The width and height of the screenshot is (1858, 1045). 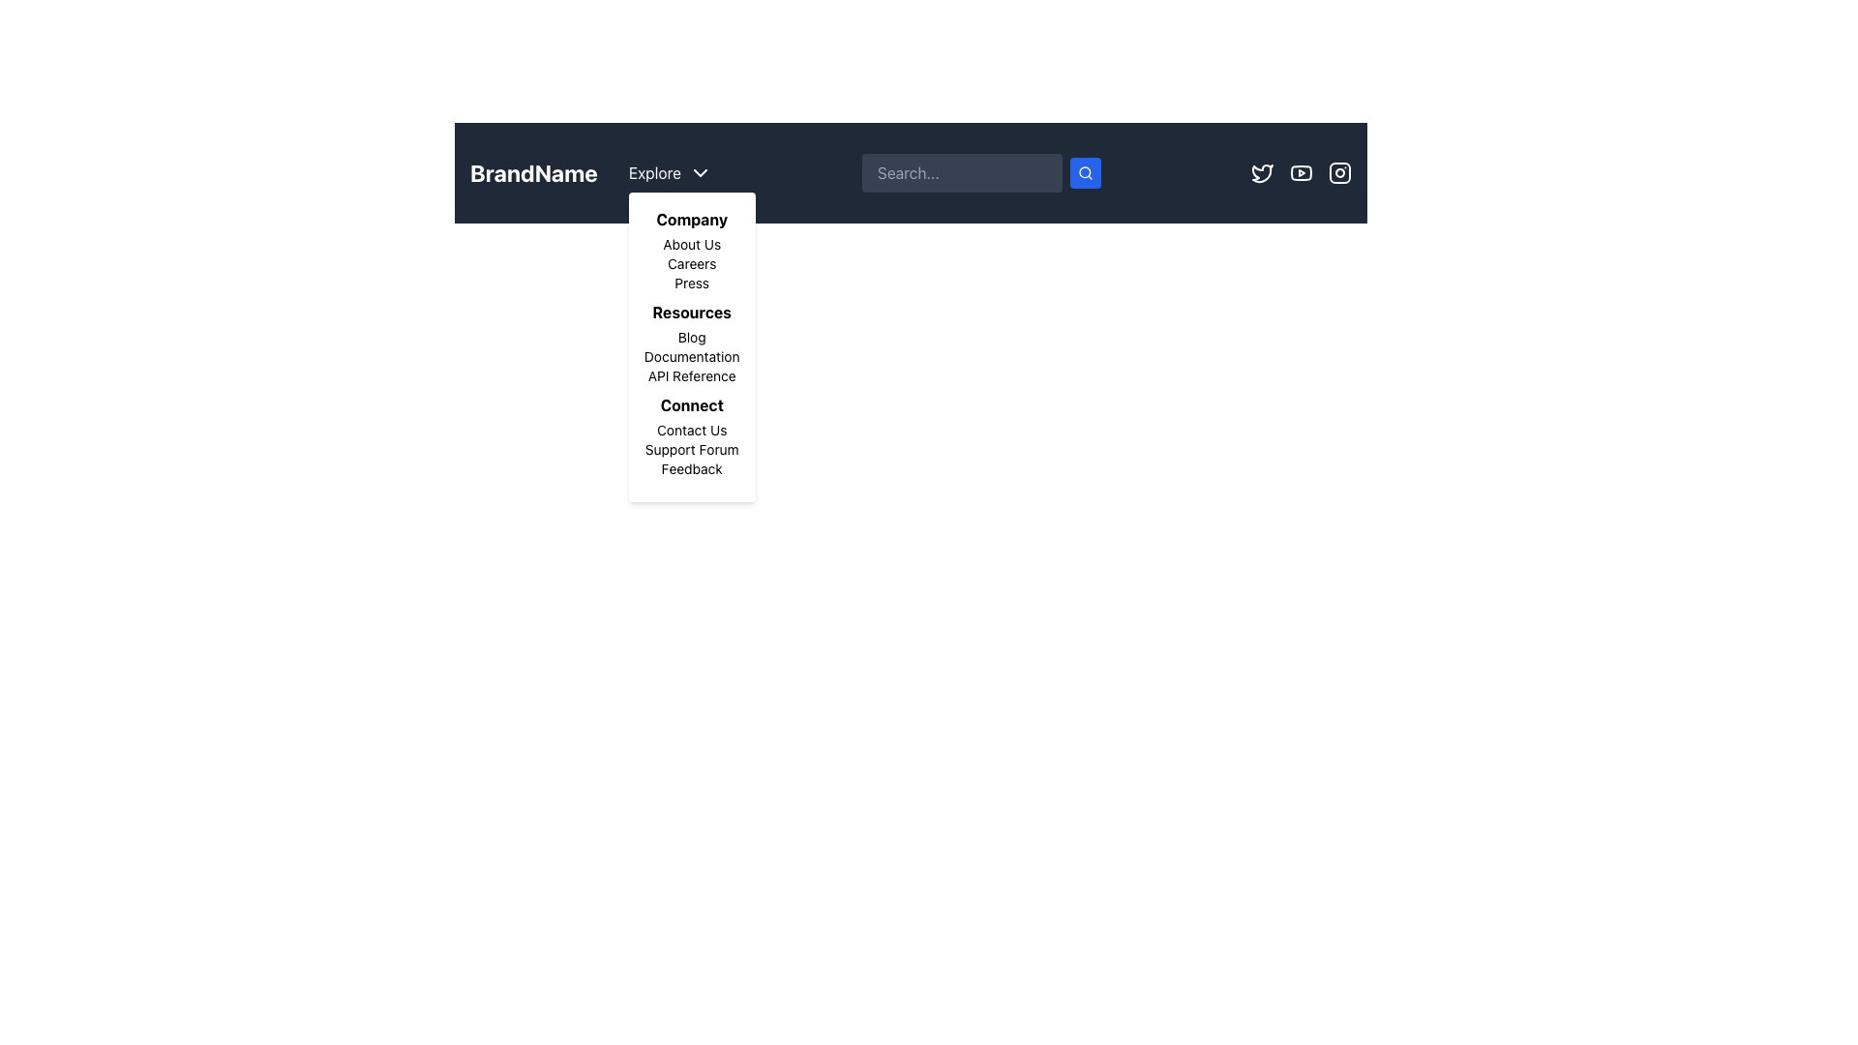 I want to click on the Twitter icon located in the top-right corner of the navigation bar, so click(x=1263, y=171).